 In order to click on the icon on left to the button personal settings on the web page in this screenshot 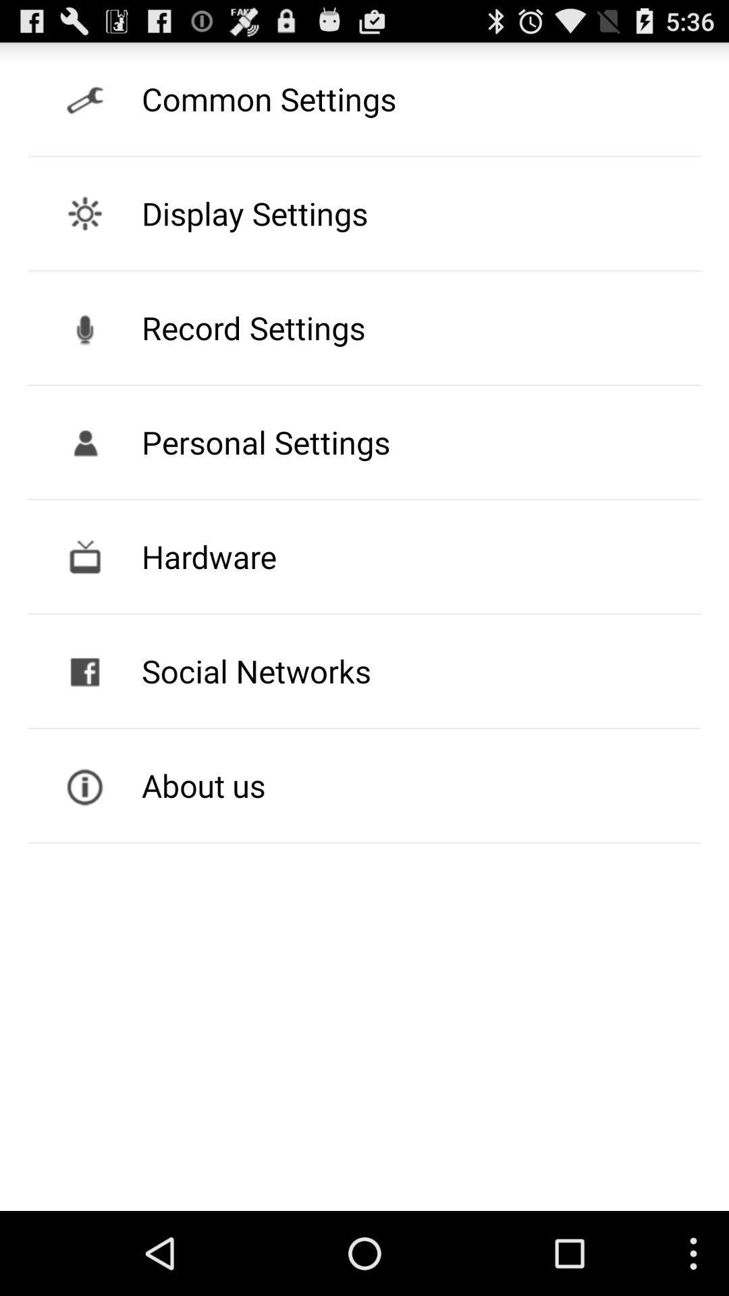, I will do `click(85, 443)`.